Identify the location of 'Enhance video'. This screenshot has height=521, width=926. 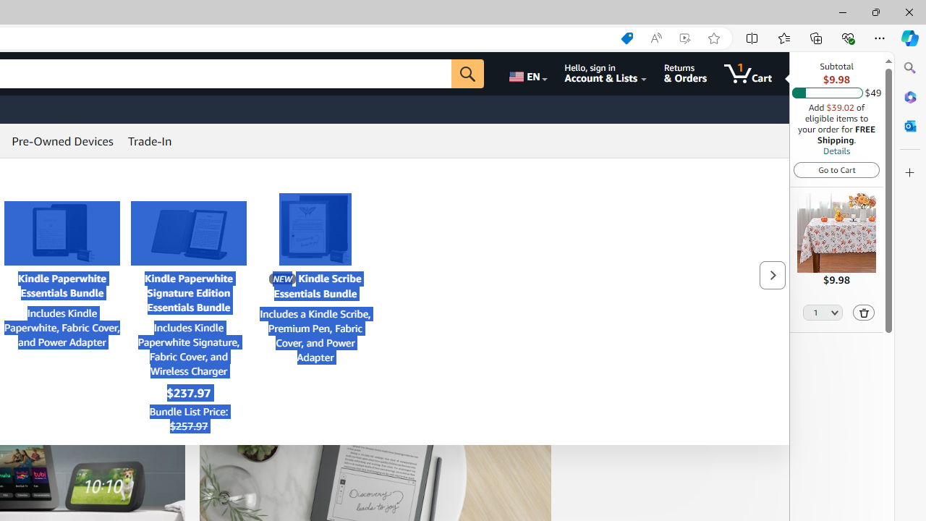
(684, 38).